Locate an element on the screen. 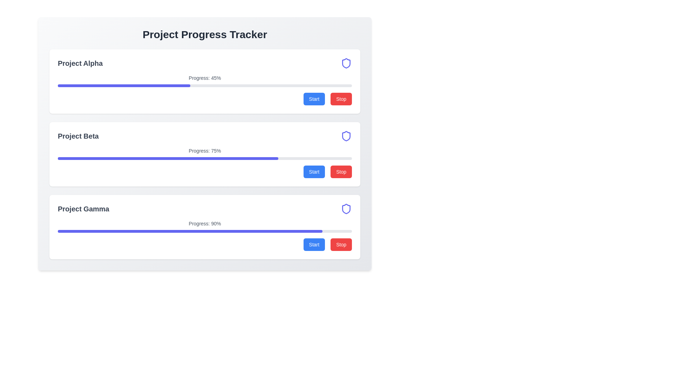 Image resolution: width=673 pixels, height=378 pixels. the button located in the second project section to the left of the 'Stop' button to initiate the process is located at coordinates (314, 171).